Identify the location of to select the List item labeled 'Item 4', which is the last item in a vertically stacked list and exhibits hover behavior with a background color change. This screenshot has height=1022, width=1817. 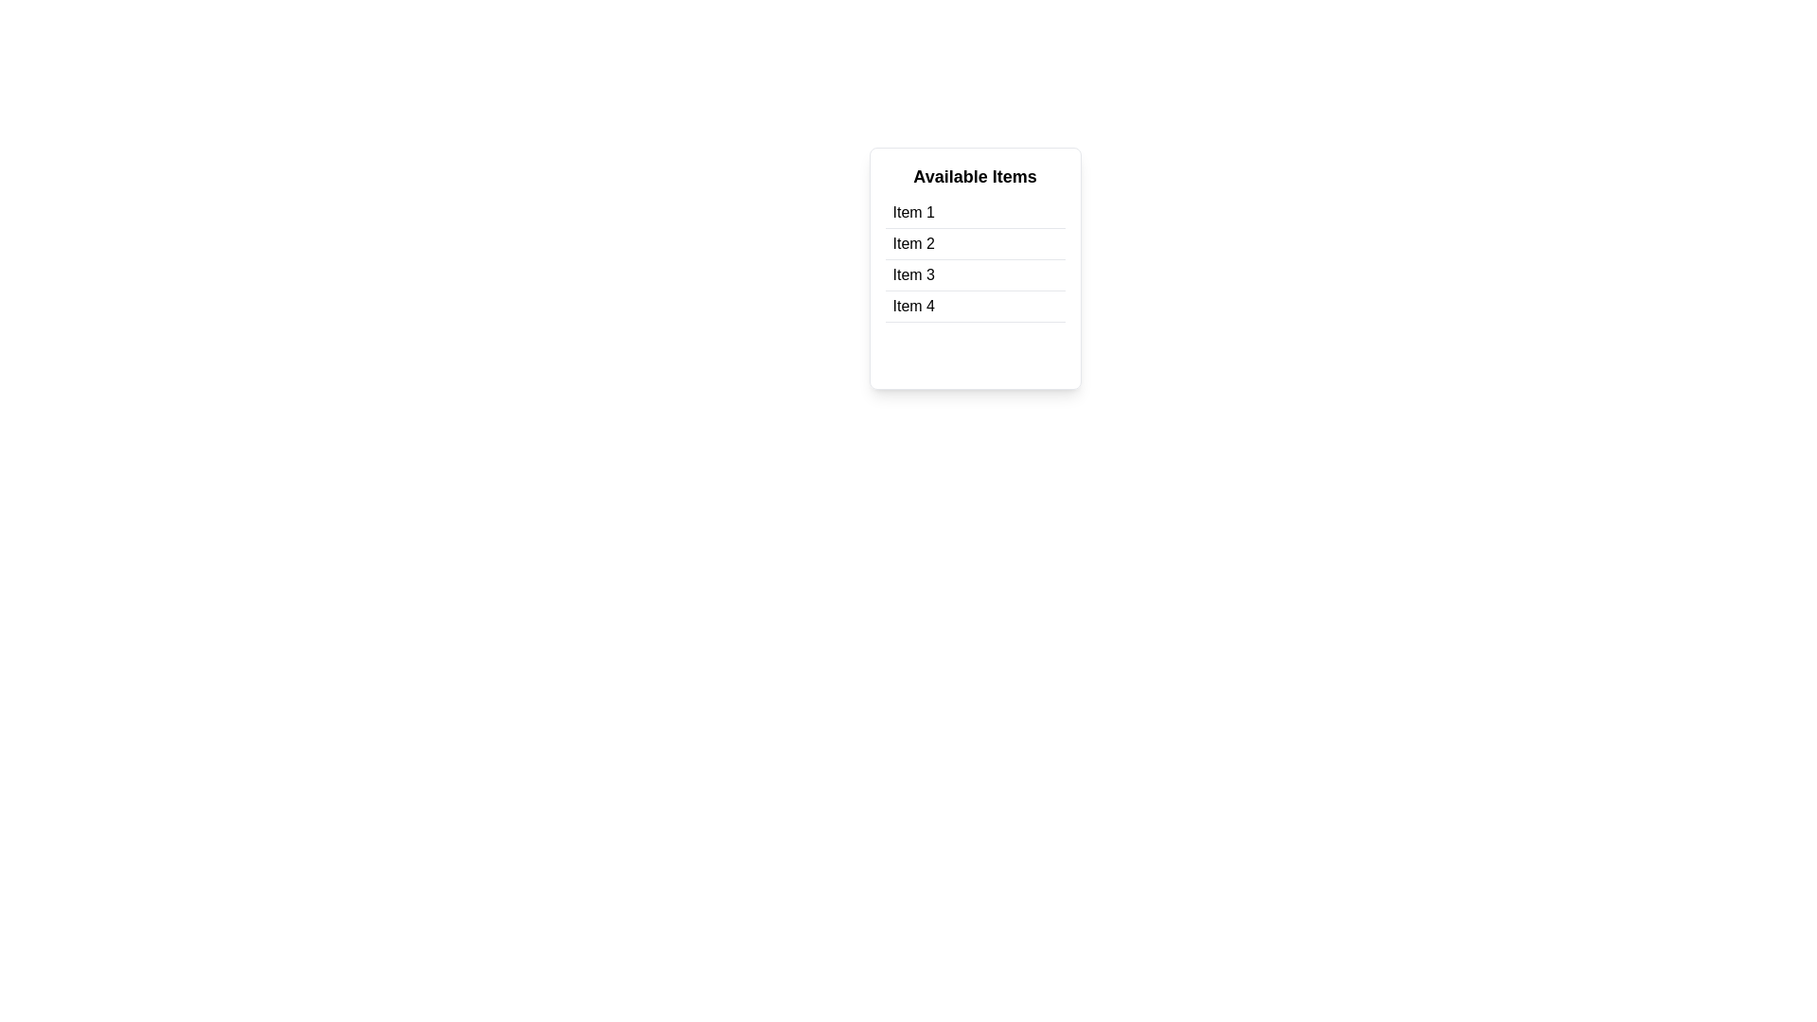
(975, 306).